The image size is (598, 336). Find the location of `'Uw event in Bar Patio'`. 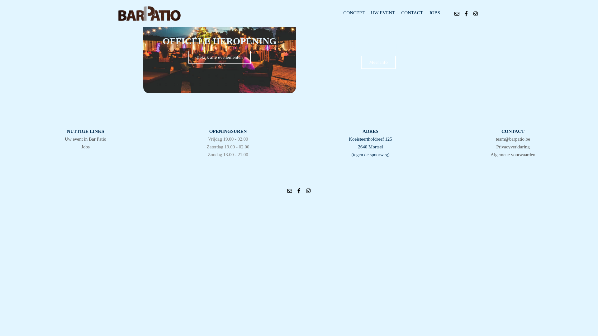

'Uw event in Bar Patio' is located at coordinates (85, 139).